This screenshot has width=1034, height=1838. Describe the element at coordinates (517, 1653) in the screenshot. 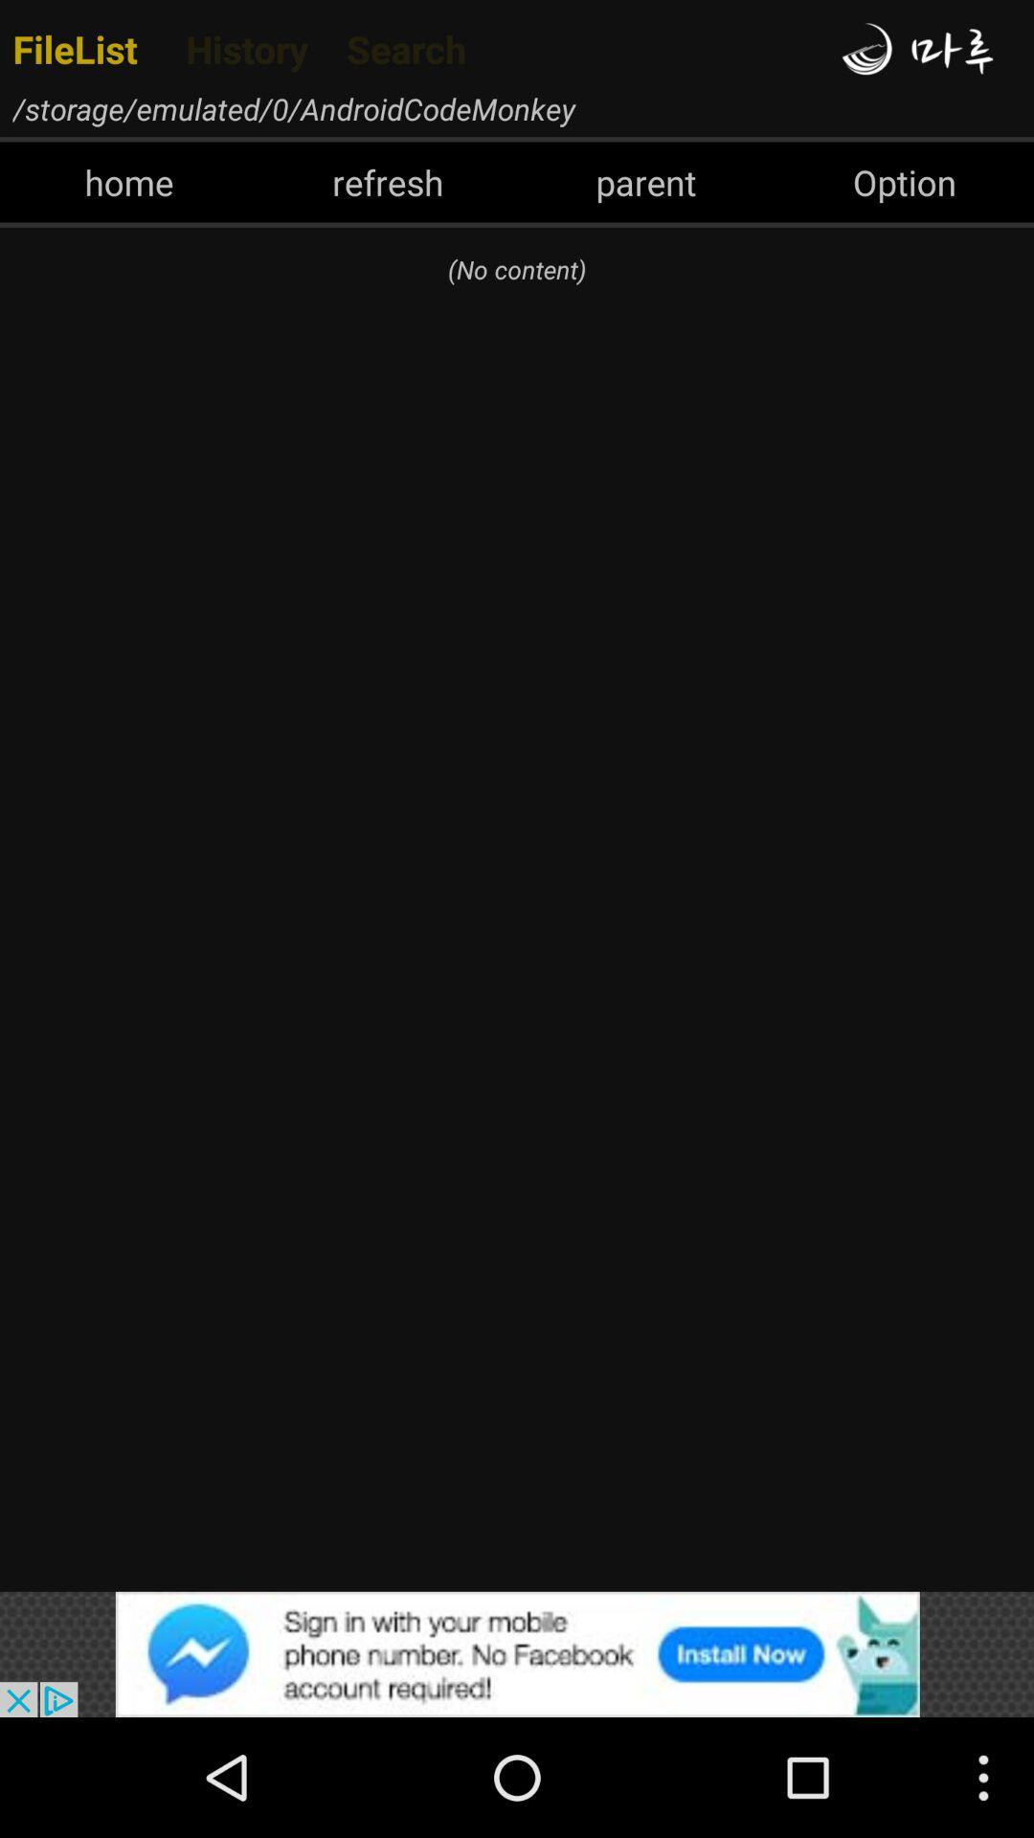

I see `click the advertisement` at that location.